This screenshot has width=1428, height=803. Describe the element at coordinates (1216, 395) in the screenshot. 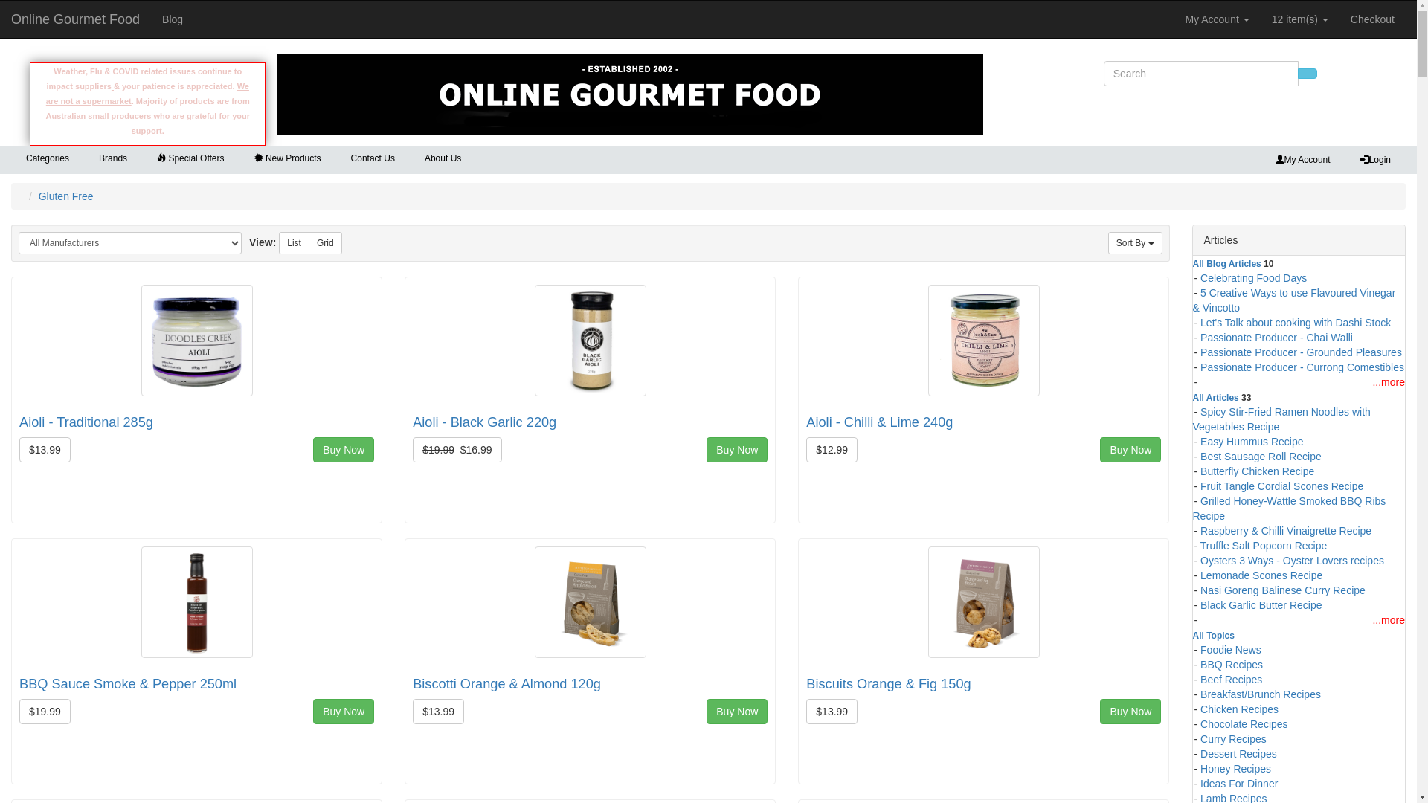

I see `'All Articles'` at that location.